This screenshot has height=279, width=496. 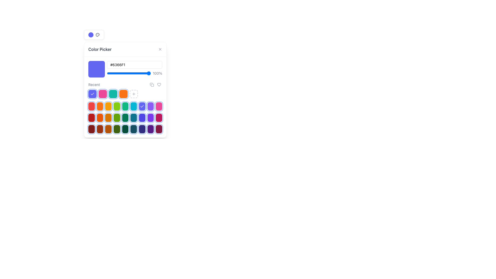 What do you see at coordinates (92, 94) in the screenshot?
I see `the checkmark icon located at the center of the circular button in the 'Recent' color selection area` at bounding box center [92, 94].